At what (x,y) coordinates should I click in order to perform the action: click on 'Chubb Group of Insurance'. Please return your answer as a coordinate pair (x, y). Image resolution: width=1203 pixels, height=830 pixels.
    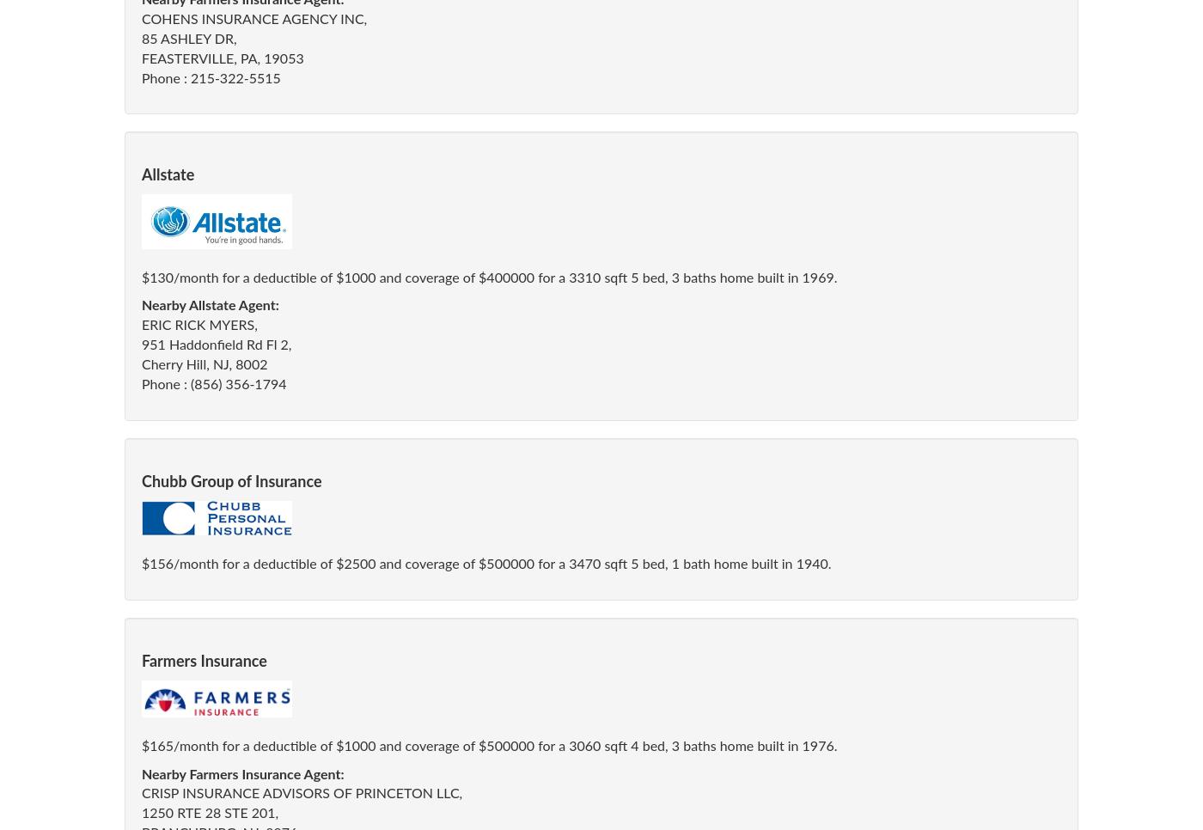
    Looking at the image, I should click on (231, 480).